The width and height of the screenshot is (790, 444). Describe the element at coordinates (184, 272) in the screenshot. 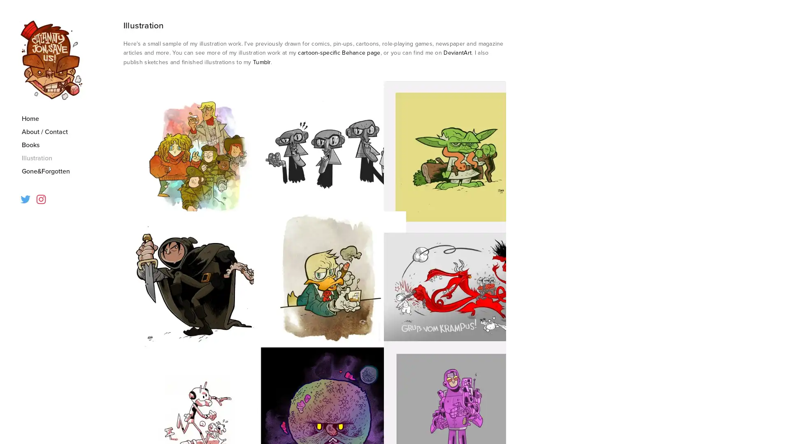

I see `View fullsize illos04.jpg` at that location.